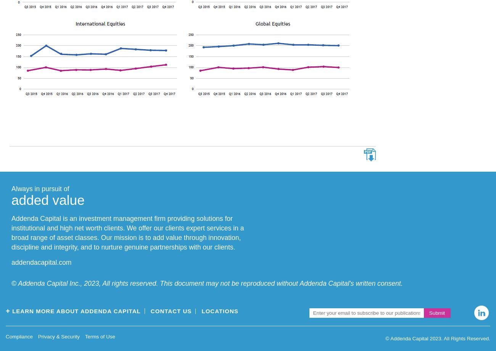  I want to click on '© Addenda Capital Inc., 2023, All rights reserved.  This document may not be reproduced without Addenda Capital's written consent.', so click(206, 283).